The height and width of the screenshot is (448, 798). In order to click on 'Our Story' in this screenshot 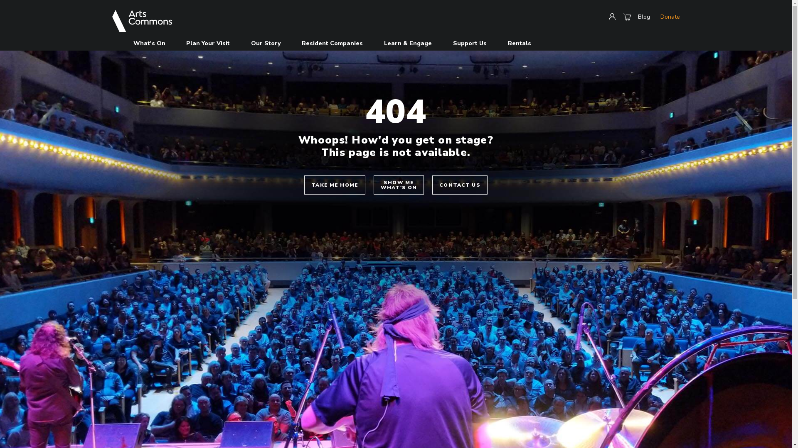, I will do `click(265, 43)`.